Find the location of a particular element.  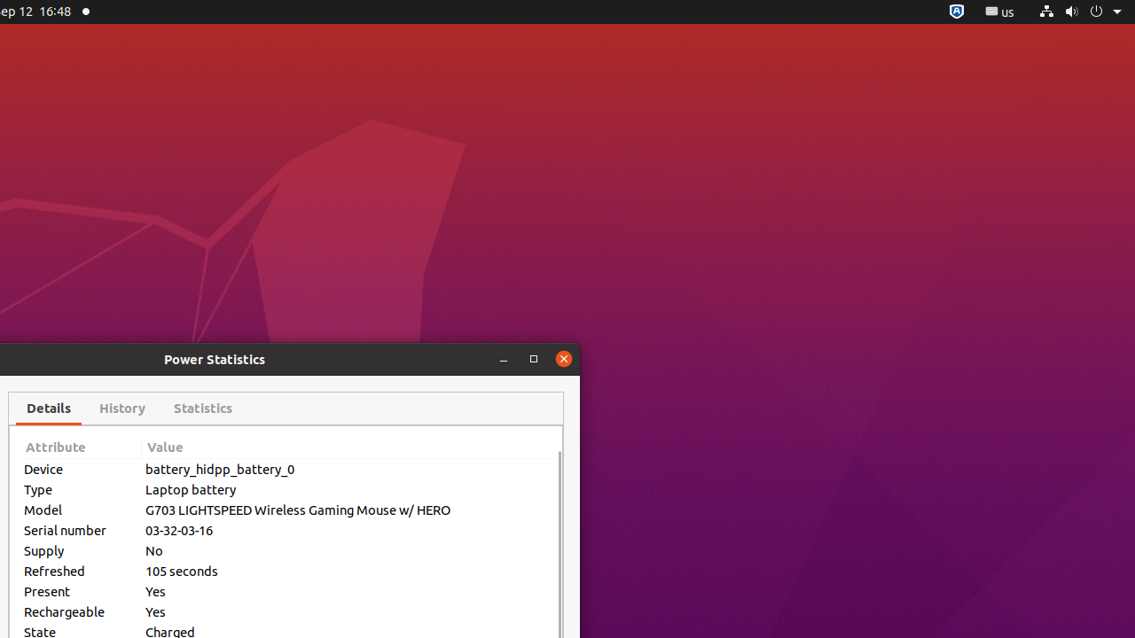

'Details' is located at coordinates (49, 408).